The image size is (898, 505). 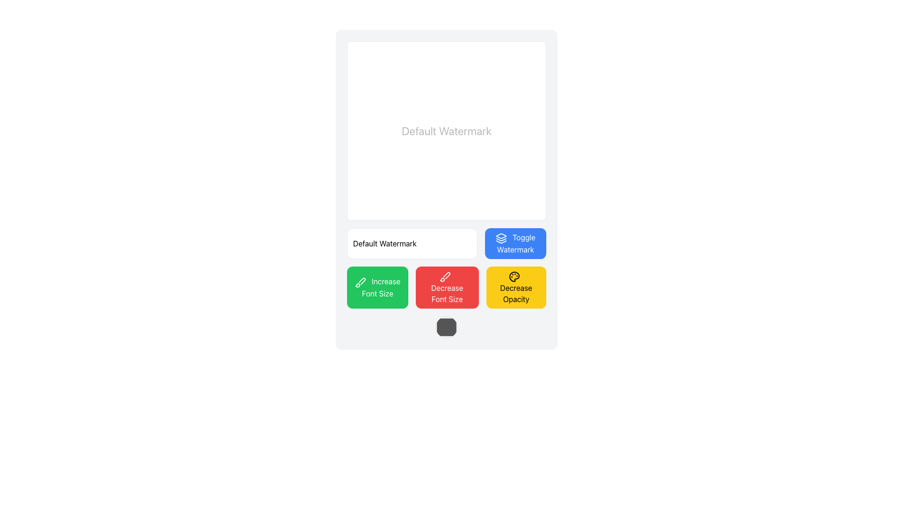 I want to click on the green rectangular button labeled 'Increase Font Size', so click(x=377, y=287).